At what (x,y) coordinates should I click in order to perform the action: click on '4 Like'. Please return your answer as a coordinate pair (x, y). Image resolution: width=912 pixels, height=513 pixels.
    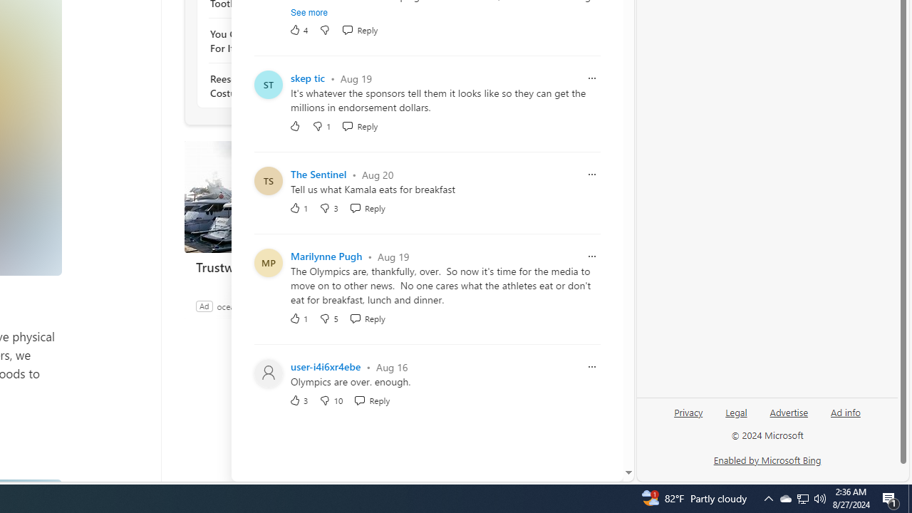
    Looking at the image, I should click on (298, 30).